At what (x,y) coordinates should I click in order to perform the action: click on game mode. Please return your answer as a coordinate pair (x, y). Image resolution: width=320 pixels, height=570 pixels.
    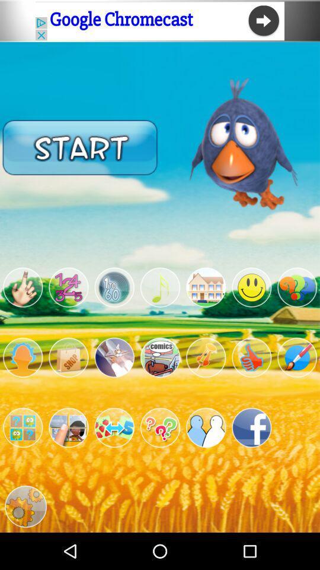
    Looking at the image, I should click on (160, 357).